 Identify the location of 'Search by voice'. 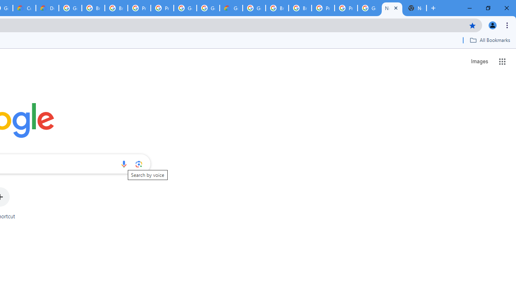
(123, 164).